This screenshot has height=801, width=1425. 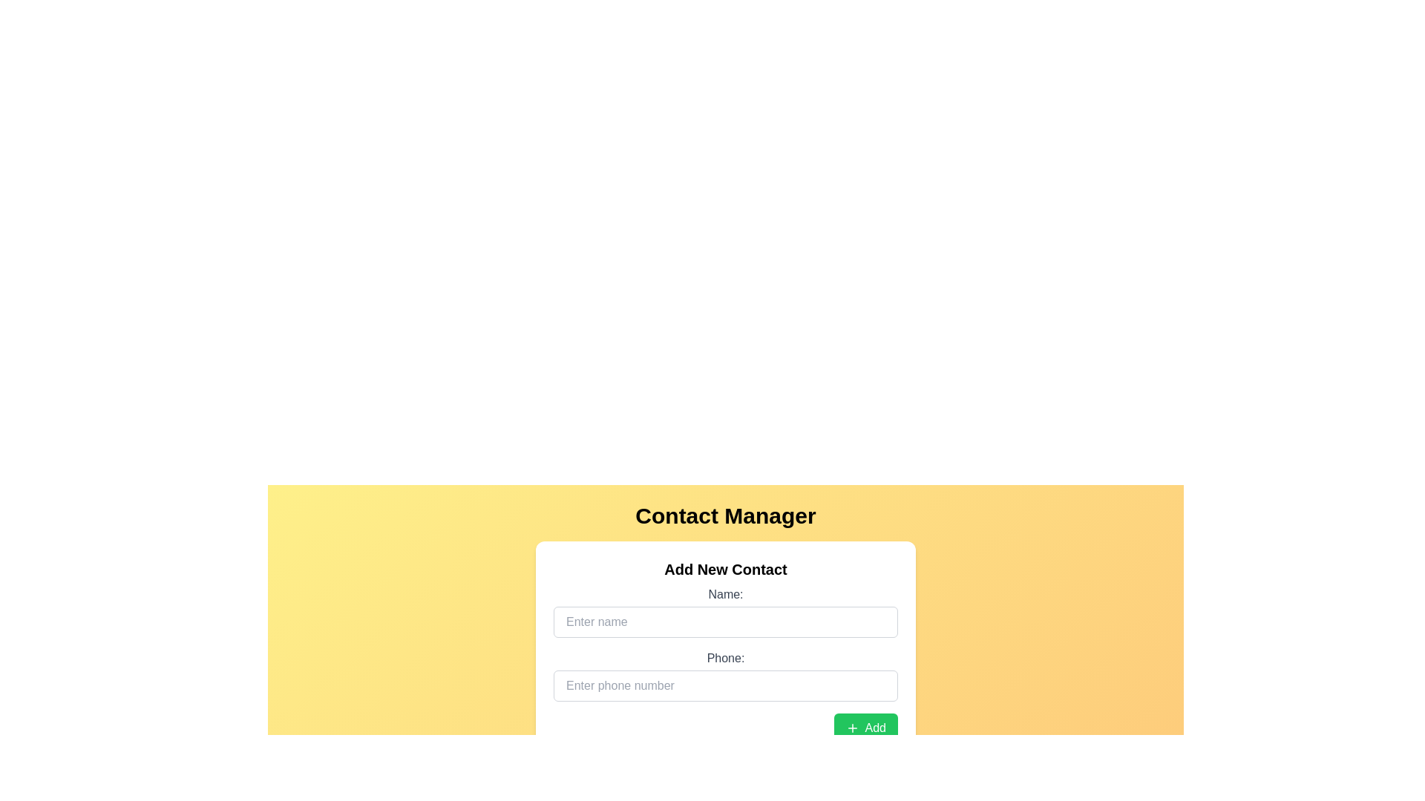 What do you see at coordinates (865, 728) in the screenshot?
I see `the submit button located in the bottom-right corner of the 'Add New Contact' modal` at bounding box center [865, 728].